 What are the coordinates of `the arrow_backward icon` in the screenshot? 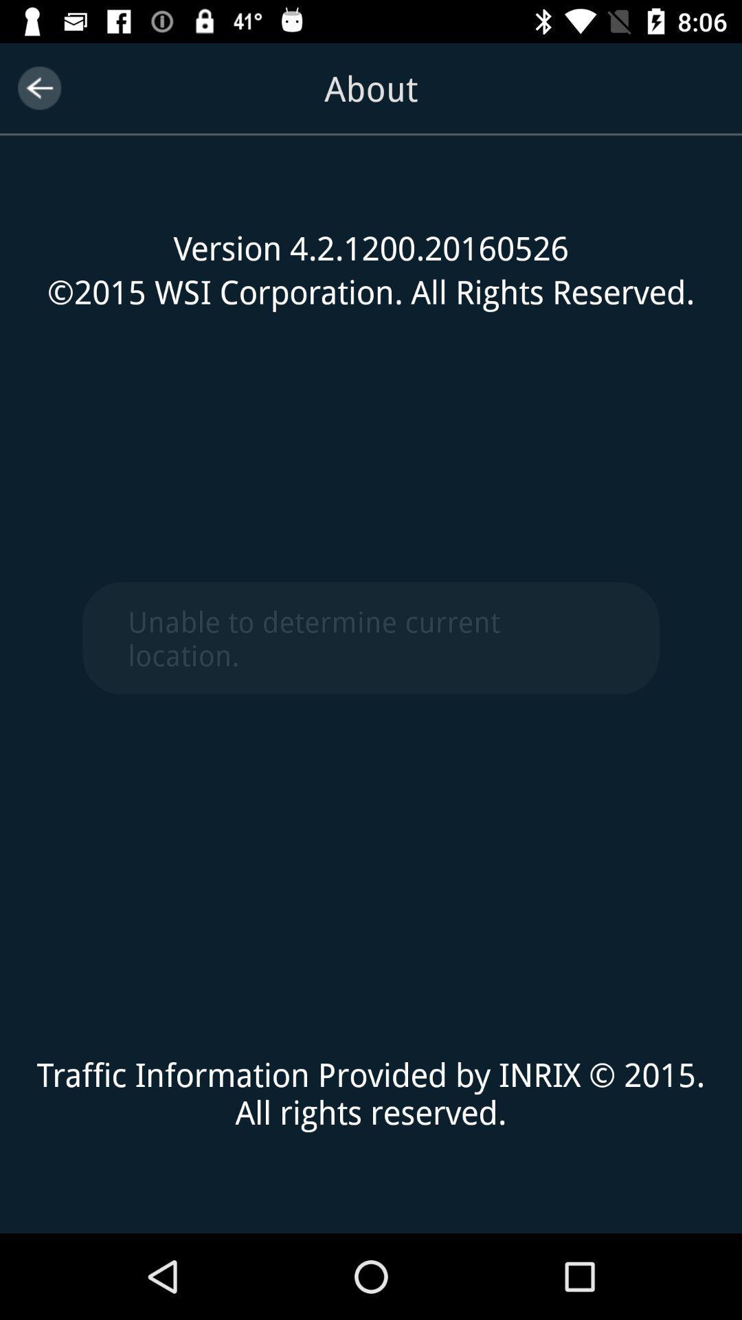 It's located at (38, 87).